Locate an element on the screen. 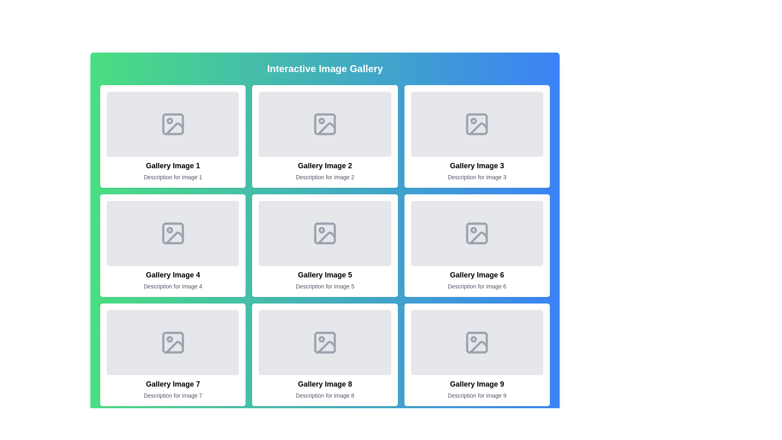  the descriptive text label located in the first column of the second row within the grid layout beneath 'Gallery Image 2' is located at coordinates (324, 177).